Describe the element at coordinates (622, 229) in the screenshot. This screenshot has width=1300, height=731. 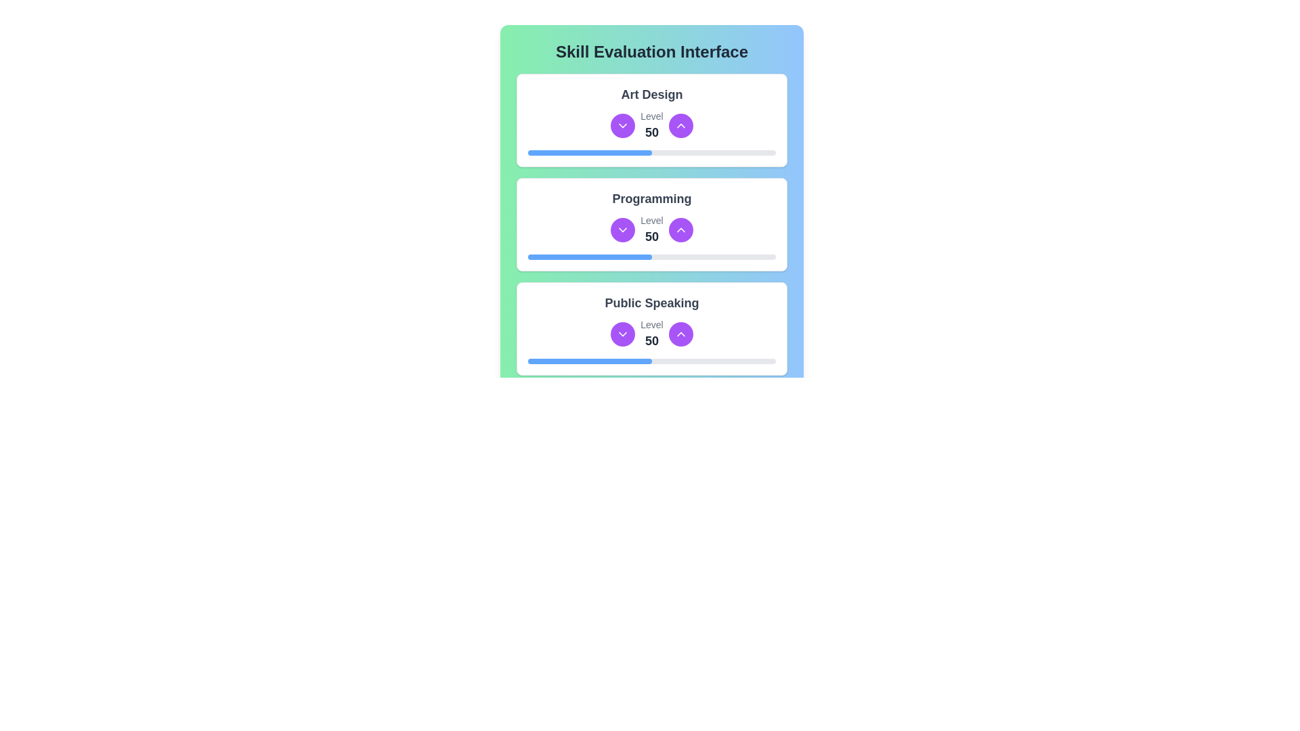
I see `the button with a downward arrow located in the second card labeled 'Programming', positioned to the left of 'Level 50'` at that location.